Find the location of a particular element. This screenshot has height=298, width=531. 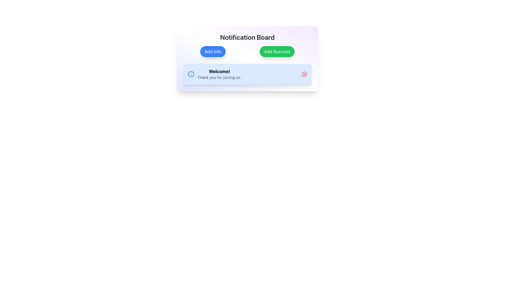

the leftmost button under the 'Notification Board' section is located at coordinates (213, 51).